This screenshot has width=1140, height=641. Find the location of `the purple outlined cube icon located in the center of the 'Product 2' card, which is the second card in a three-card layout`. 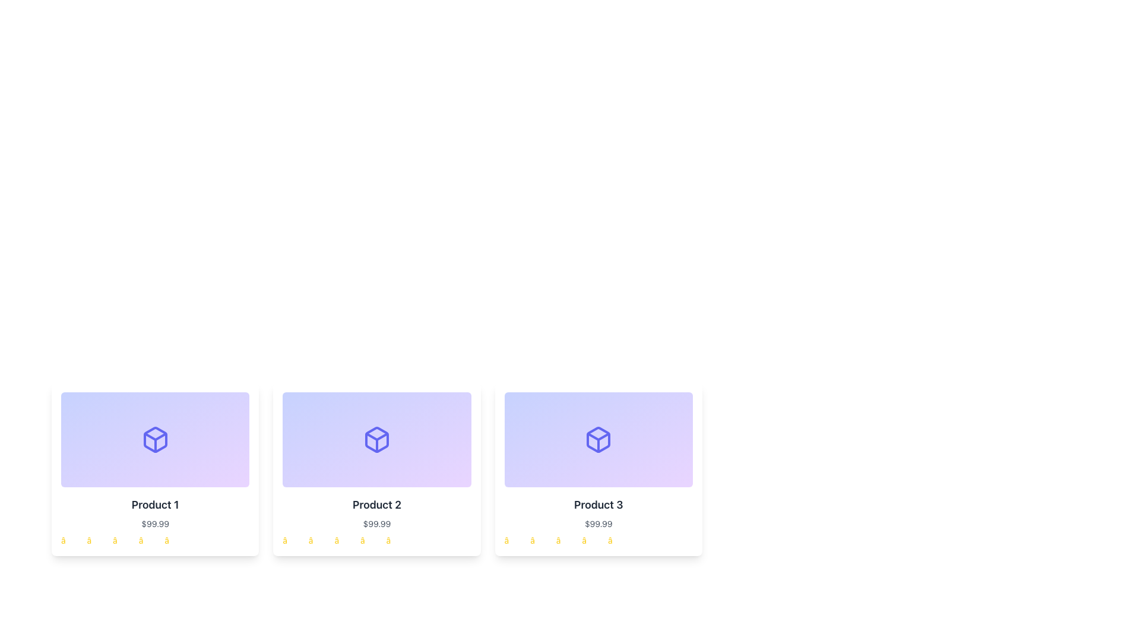

the purple outlined cube icon located in the center of the 'Product 2' card, which is the second card in a three-card layout is located at coordinates (376, 439).